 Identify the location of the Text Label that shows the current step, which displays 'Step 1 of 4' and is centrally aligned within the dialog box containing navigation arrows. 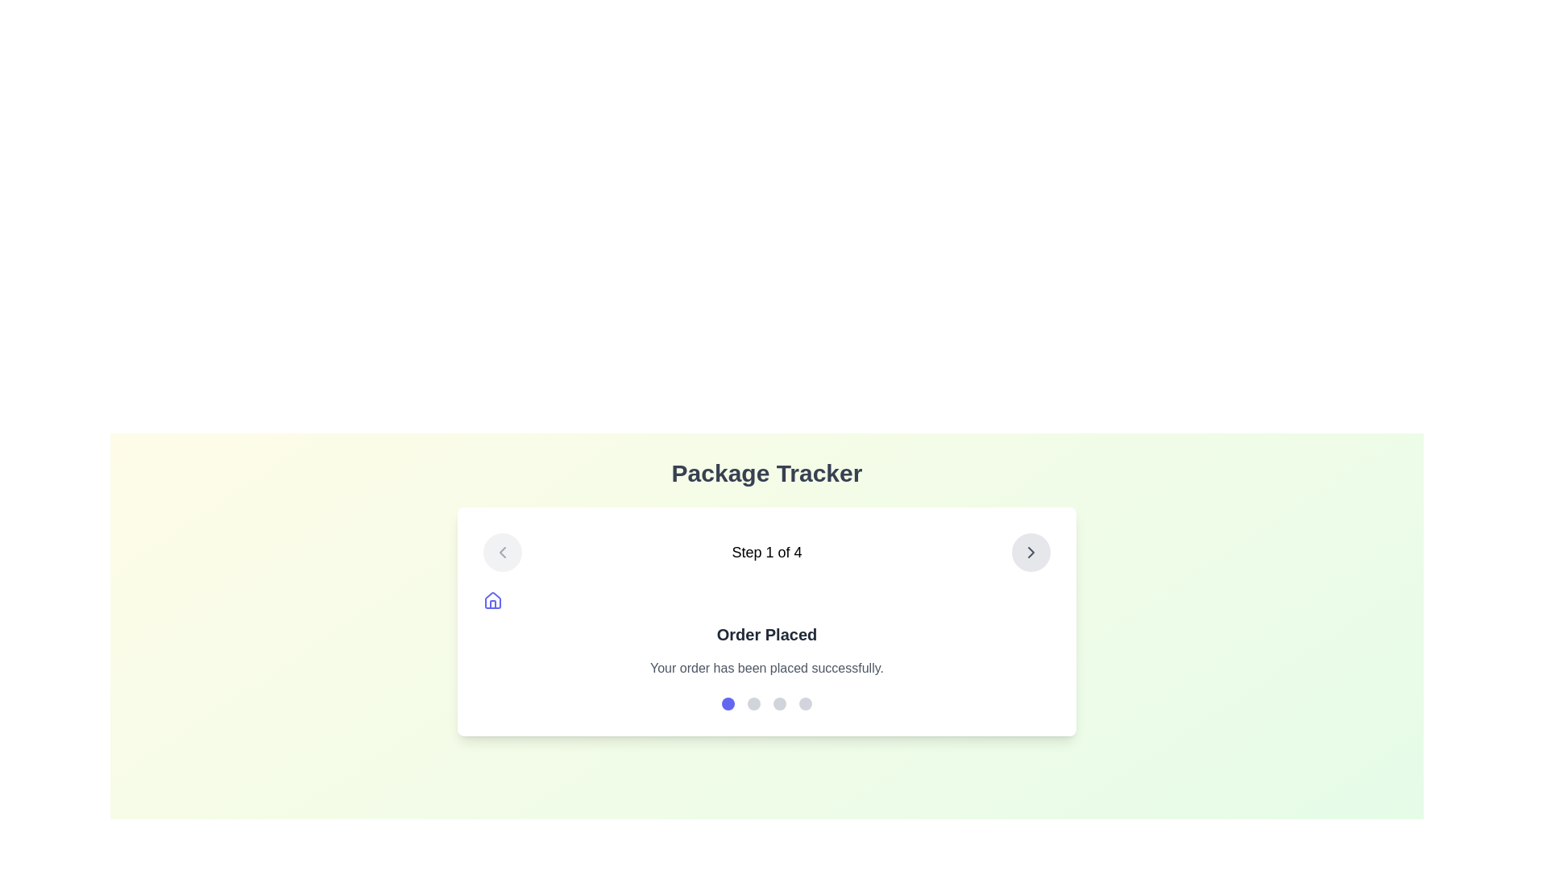
(765, 552).